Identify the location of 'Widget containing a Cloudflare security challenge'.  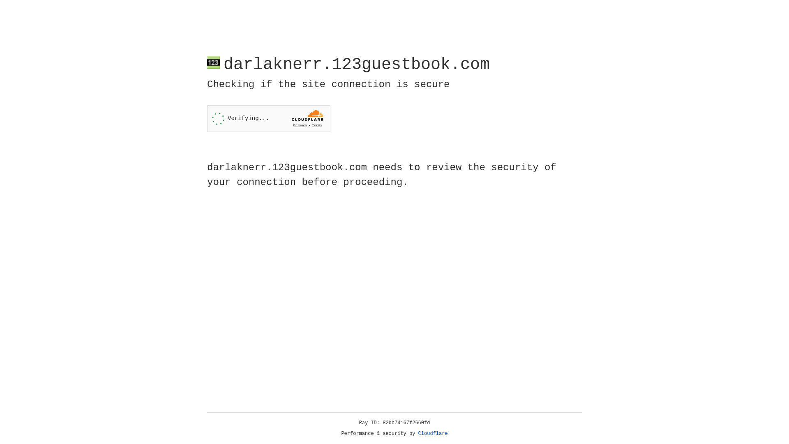
(268, 118).